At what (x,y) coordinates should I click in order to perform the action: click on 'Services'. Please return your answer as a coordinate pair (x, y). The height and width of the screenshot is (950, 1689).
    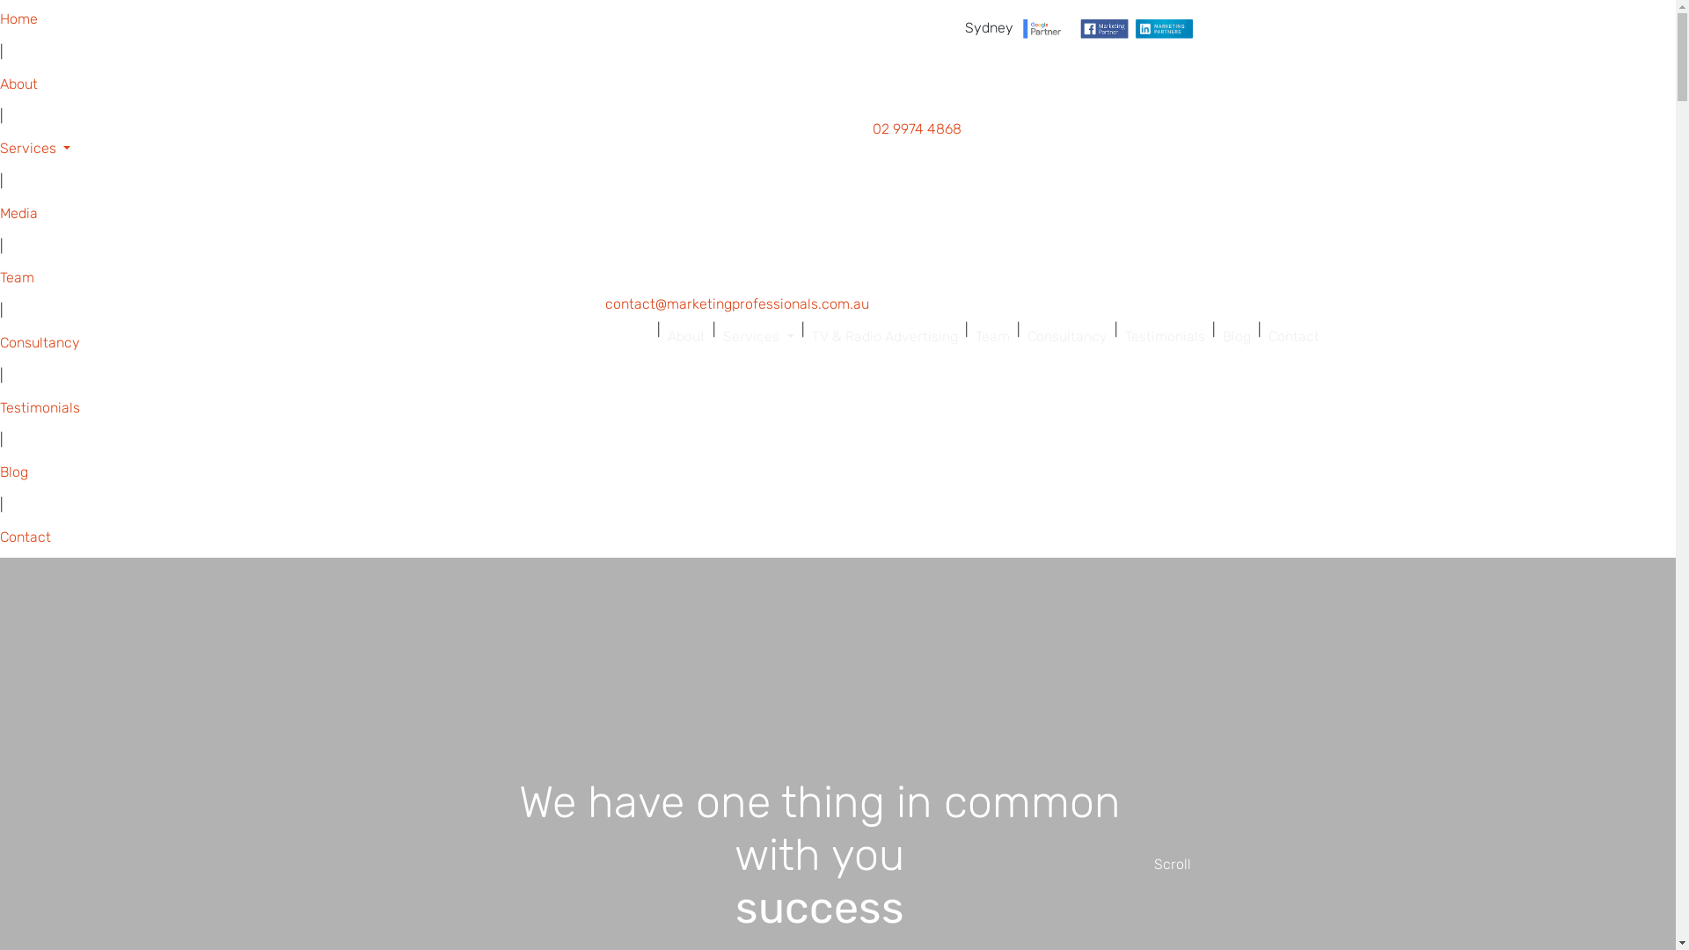
    Looking at the image, I should click on (716, 337).